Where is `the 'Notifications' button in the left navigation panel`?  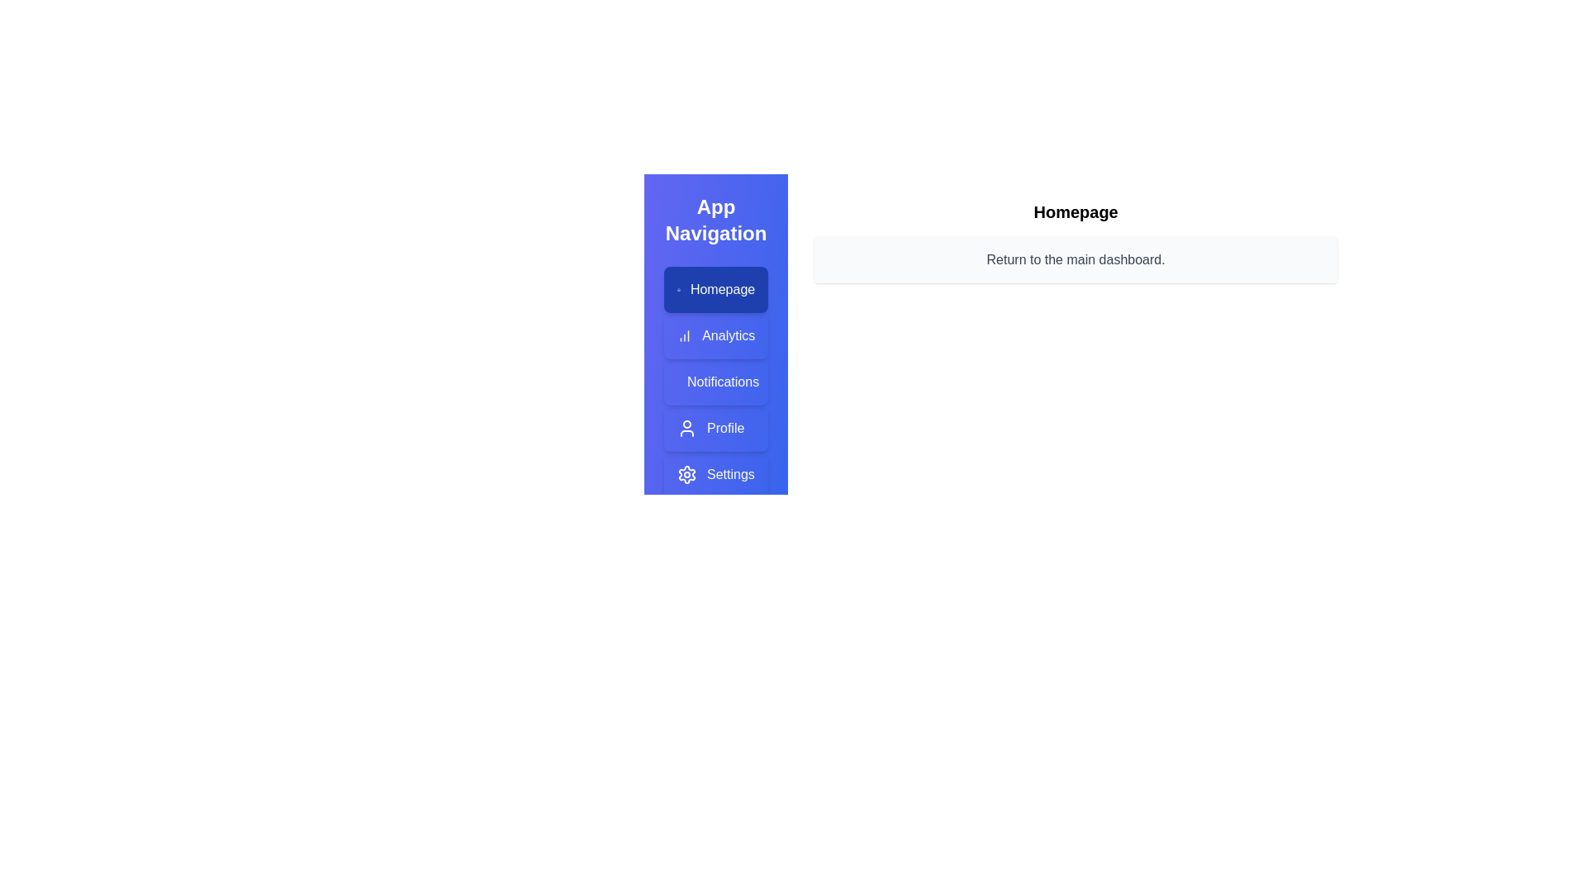 the 'Notifications' button in the left navigation panel is located at coordinates (716, 382).